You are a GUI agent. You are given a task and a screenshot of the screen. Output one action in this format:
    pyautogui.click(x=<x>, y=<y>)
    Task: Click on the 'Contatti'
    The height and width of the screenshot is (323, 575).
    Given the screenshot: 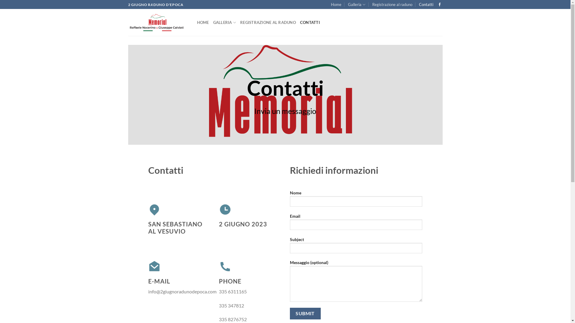 What is the action you would take?
    pyautogui.click(x=426, y=4)
    